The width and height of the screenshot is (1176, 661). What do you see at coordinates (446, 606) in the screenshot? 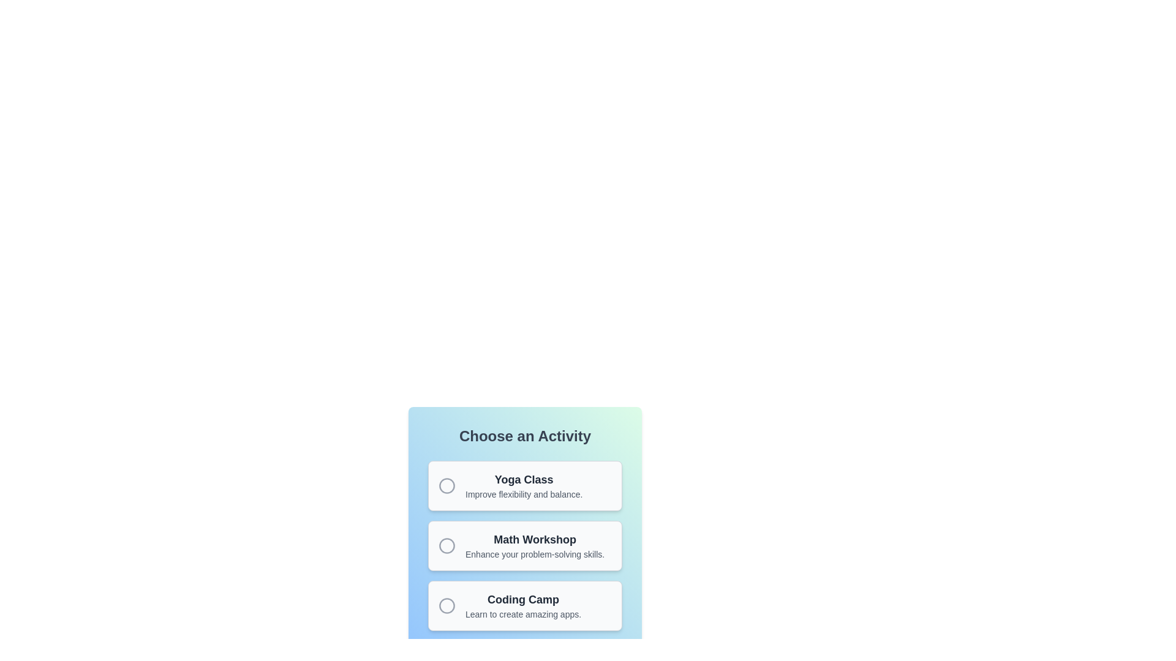
I see `the radio button associated with the 'Coding Camp' option` at bounding box center [446, 606].